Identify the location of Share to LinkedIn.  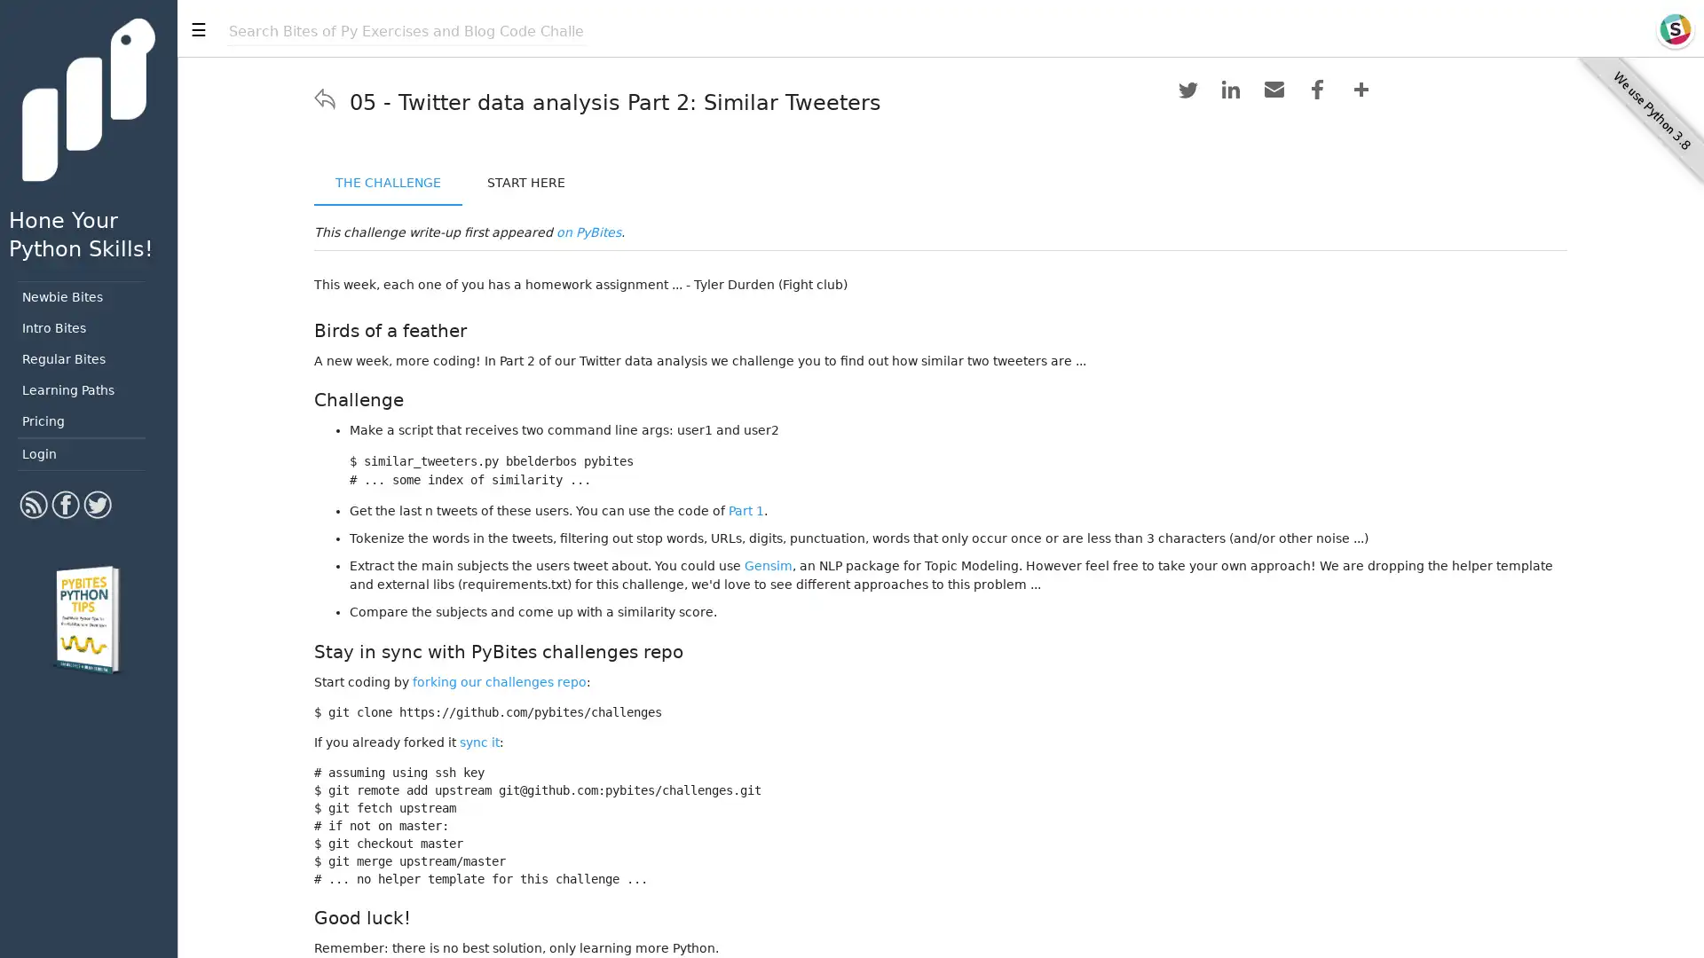
(1227, 89).